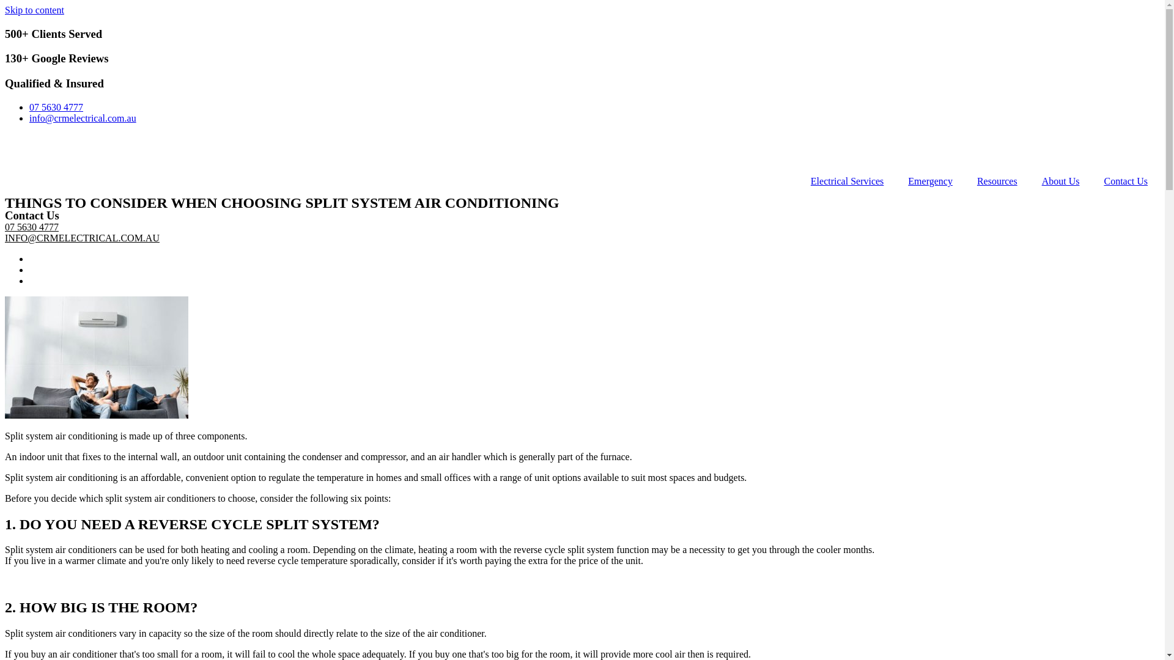  What do you see at coordinates (82, 118) in the screenshot?
I see `'info@crmelectrical.com.au'` at bounding box center [82, 118].